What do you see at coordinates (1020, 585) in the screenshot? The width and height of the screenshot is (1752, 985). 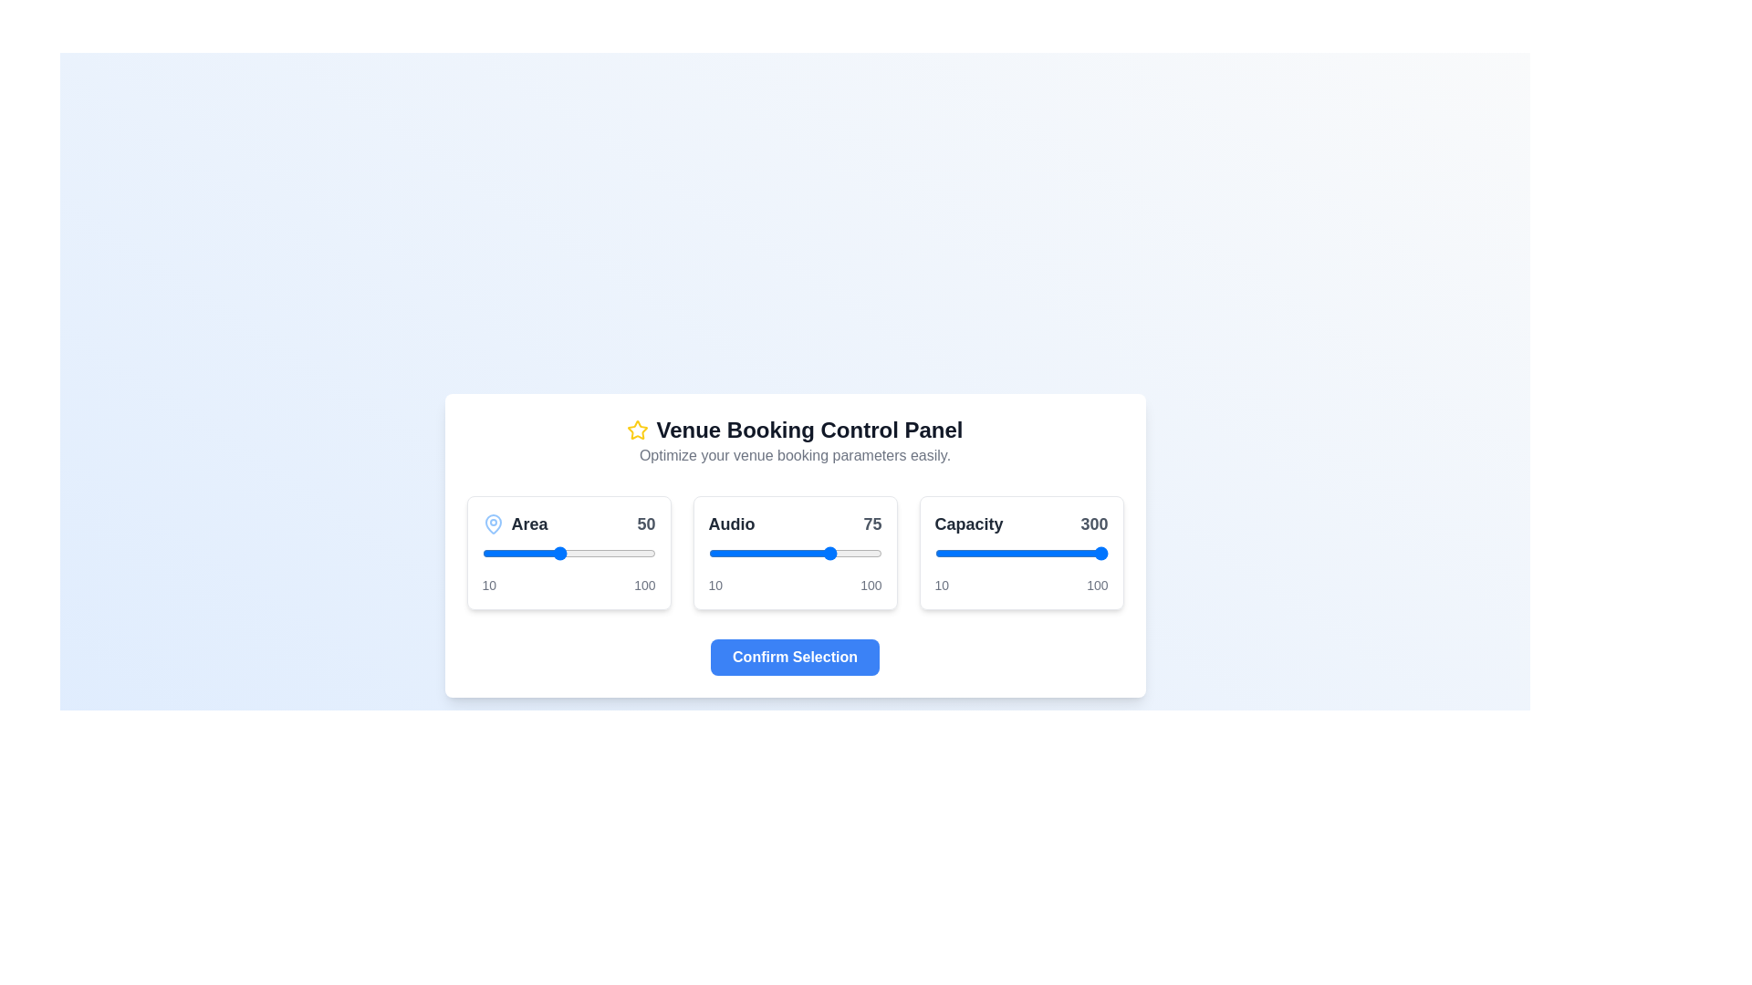 I see `the Text label group displaying '10' and '100' which is located below the capacity slider and above the 'Confirm Selection' button in the 'Capacity' box` at bounding box center [1020, 585].